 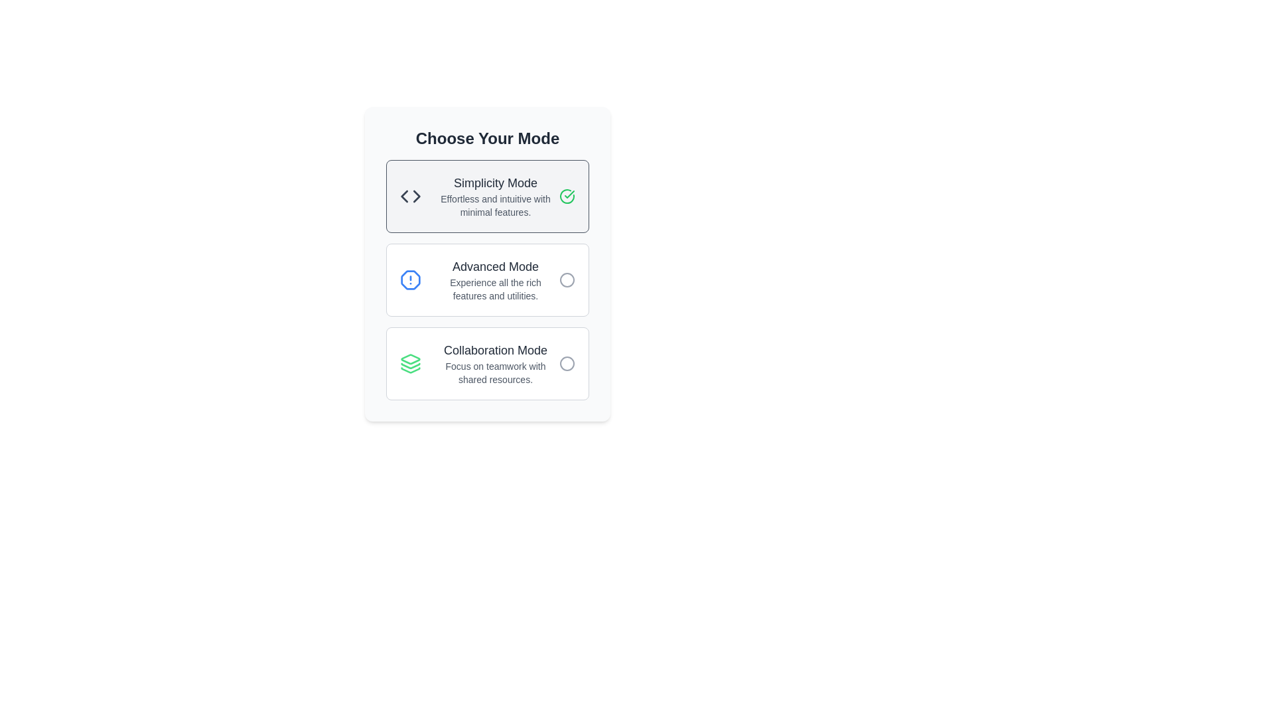 I want to click on the inner gray circle of the 'Collaboration Mode' SVG icon, which visually represents the mode option, so click(x=567, y=363).